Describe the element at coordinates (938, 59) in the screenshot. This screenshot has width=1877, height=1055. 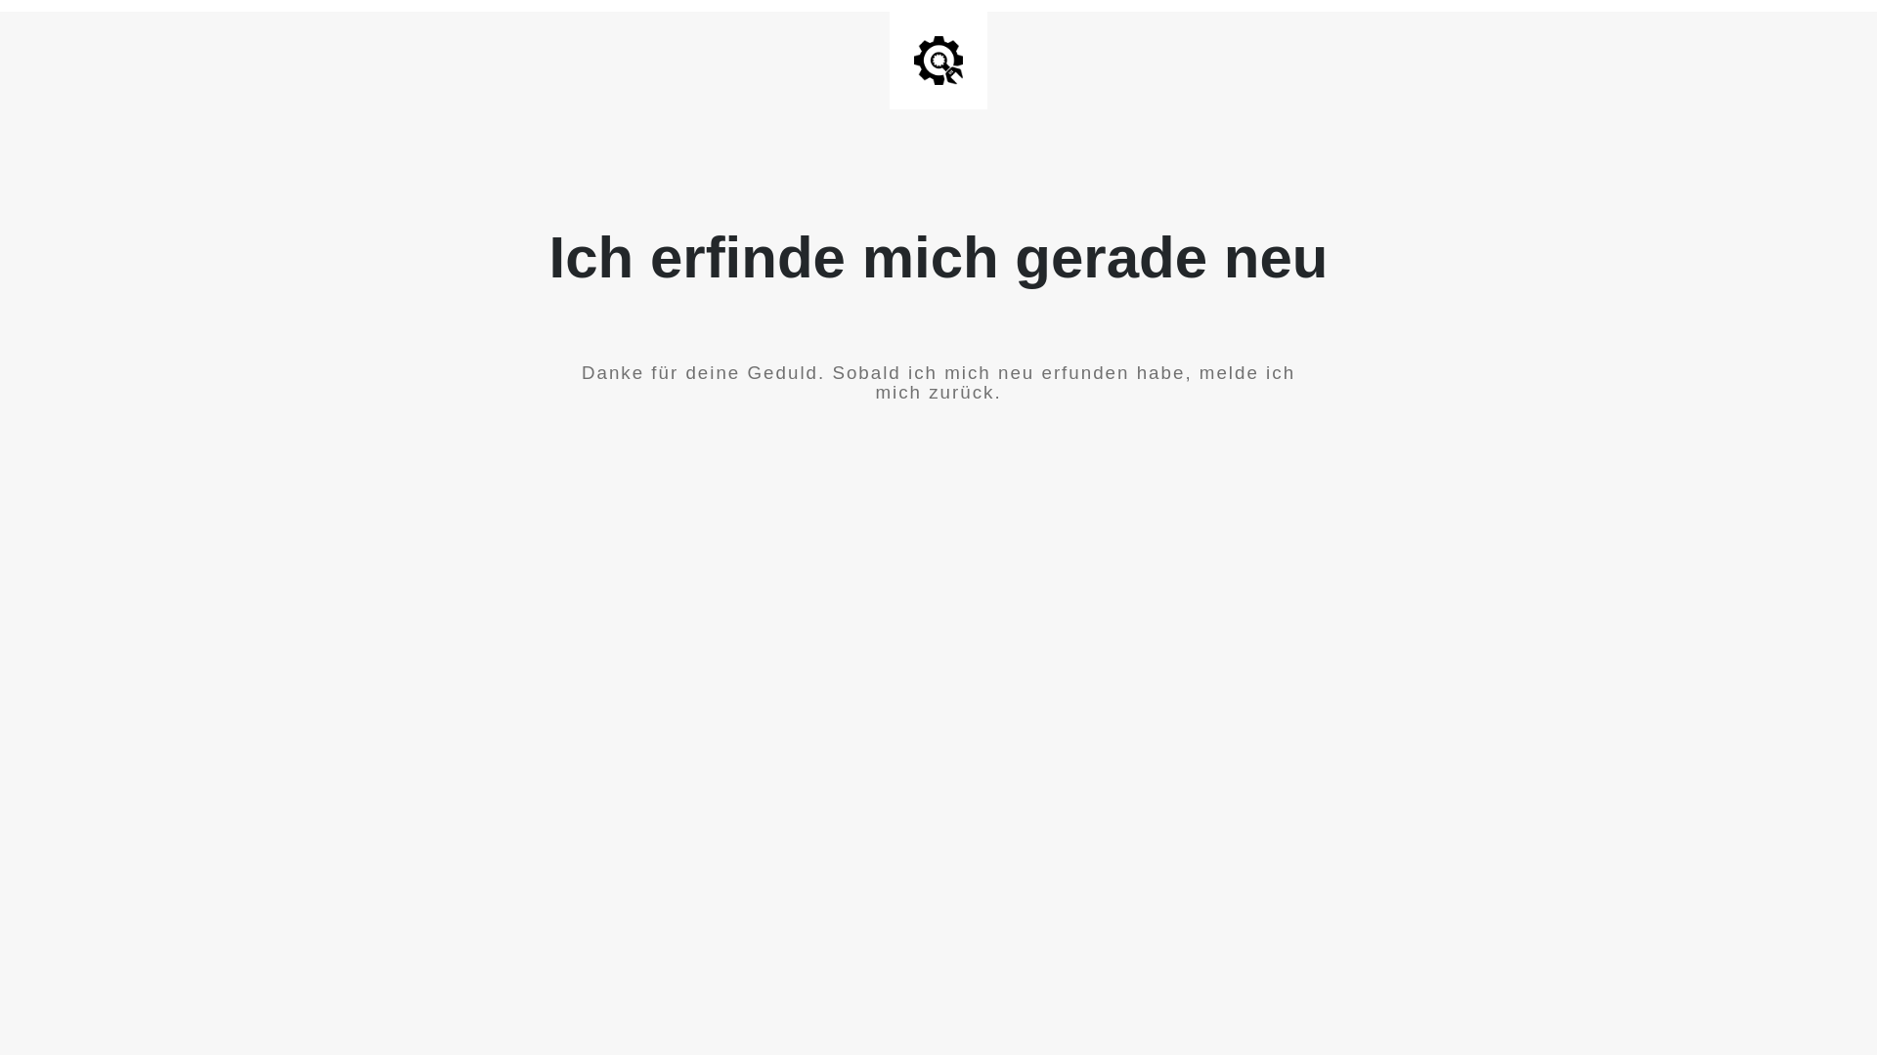
I see `'Site is Under Construction'` at that location.